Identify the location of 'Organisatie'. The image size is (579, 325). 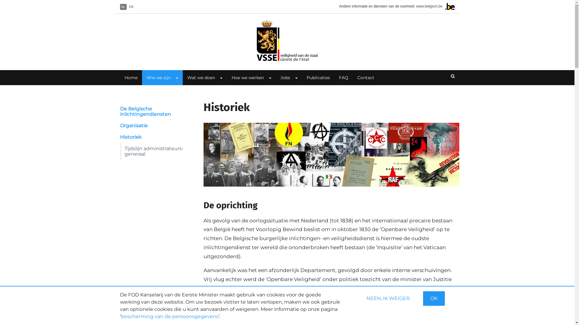
(155, 125).